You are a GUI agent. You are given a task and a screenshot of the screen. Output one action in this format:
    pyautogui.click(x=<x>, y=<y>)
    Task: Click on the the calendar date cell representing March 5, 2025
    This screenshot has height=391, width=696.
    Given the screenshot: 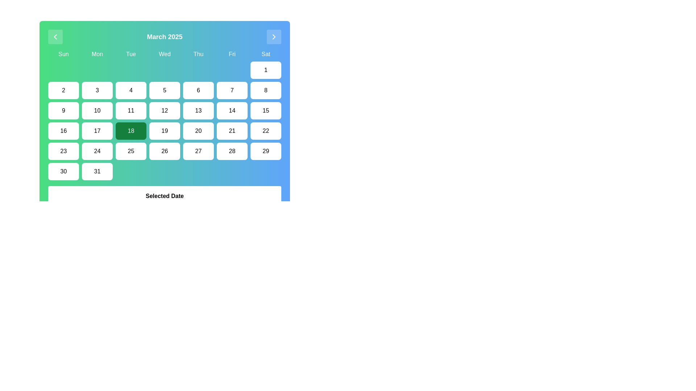 What is the action you would take?
    pyautogui.click(x=164, y=90)
    